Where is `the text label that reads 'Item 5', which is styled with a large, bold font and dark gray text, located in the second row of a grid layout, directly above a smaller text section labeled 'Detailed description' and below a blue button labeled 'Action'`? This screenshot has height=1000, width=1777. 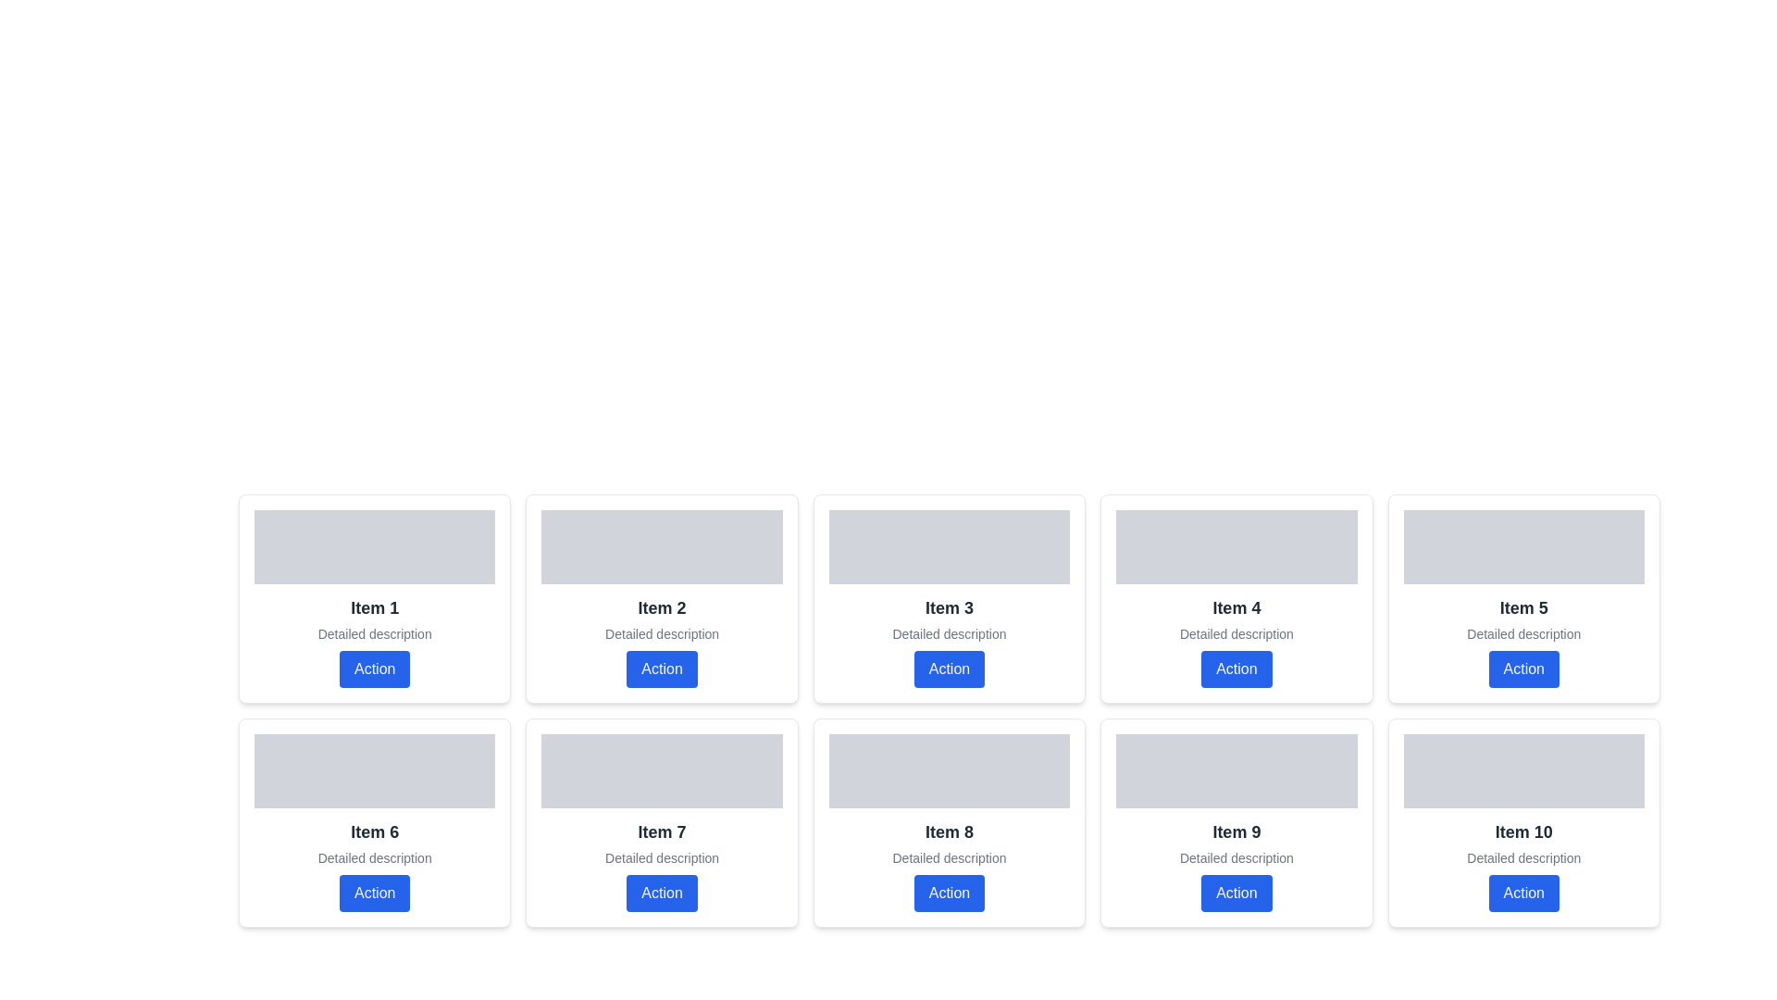
the text label that reads 'Item 5', which is styled with a large, bold font and dark gray text, located in the second row of a grid layout, directly above a smaller text section labeled 'Detailed description' and below a blue button labeled 'Action' is located at coordinates (1523, 607).